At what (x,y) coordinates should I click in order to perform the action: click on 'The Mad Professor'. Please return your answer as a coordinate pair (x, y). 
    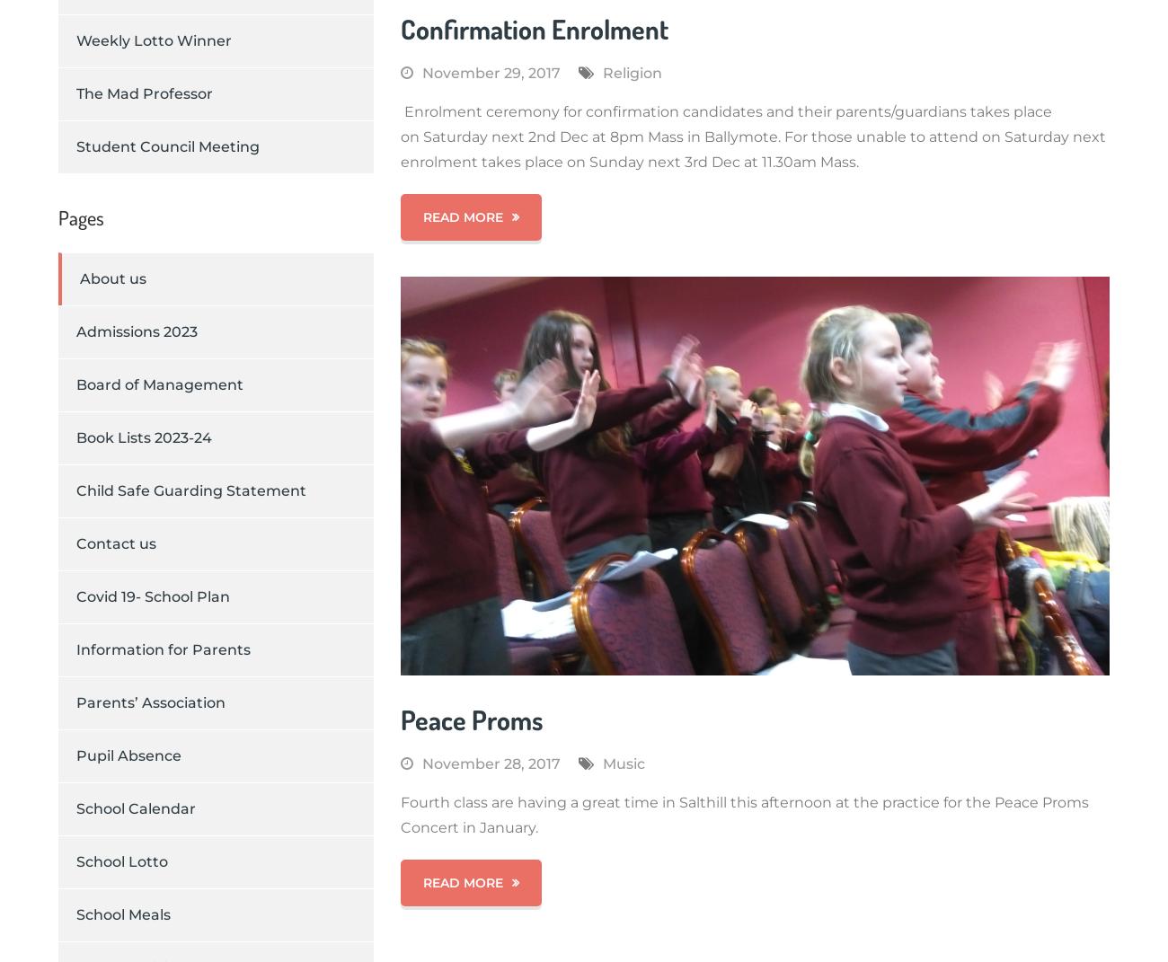
    Looking at the image, I should click on (143, 93).